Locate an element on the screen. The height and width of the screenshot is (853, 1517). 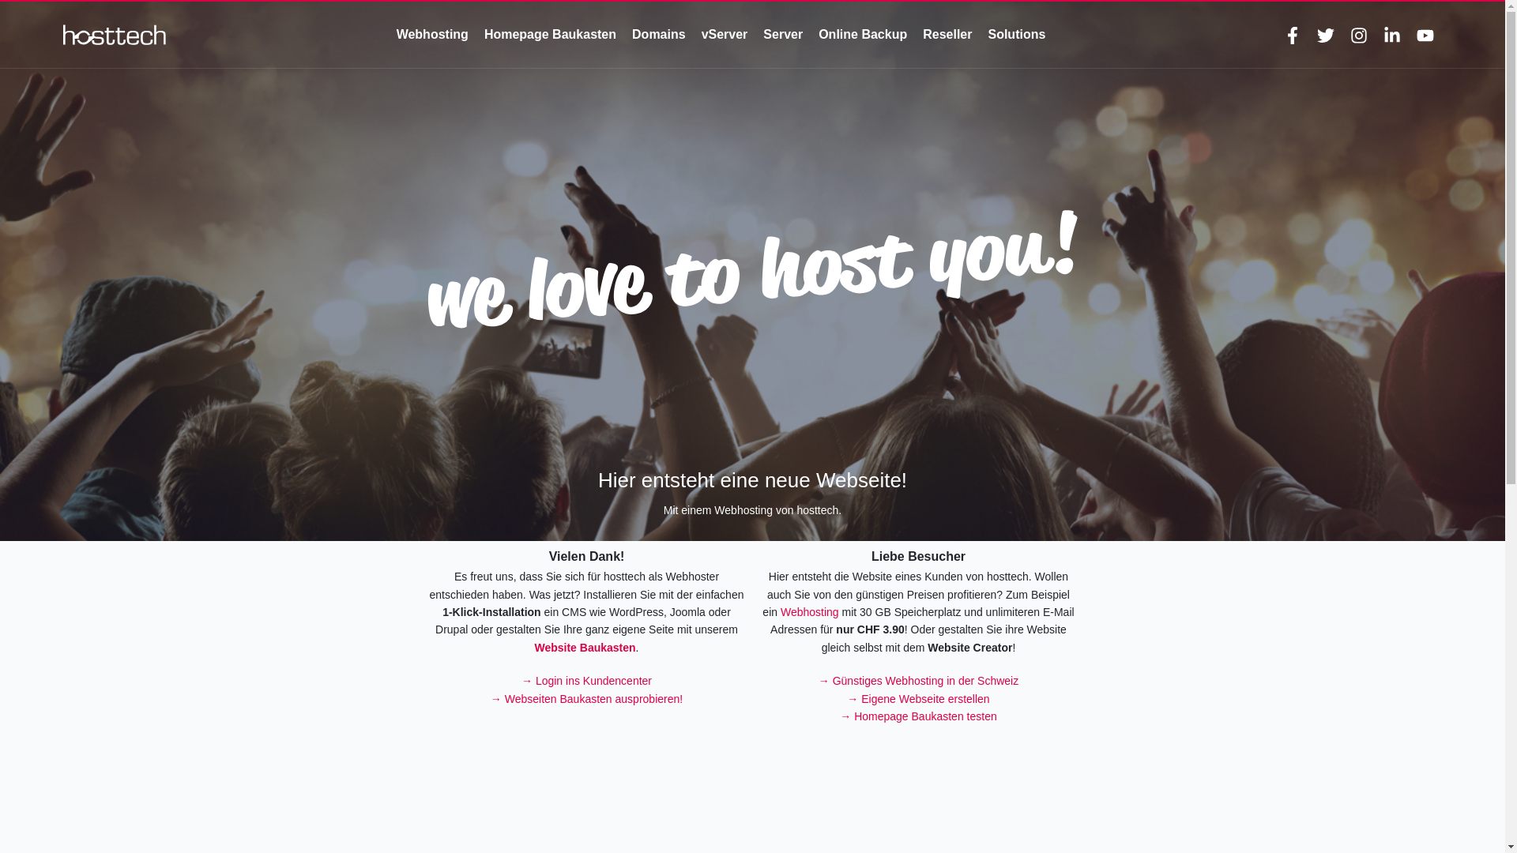
'Homepage Baukasten' is located at coordinates (550, 34).